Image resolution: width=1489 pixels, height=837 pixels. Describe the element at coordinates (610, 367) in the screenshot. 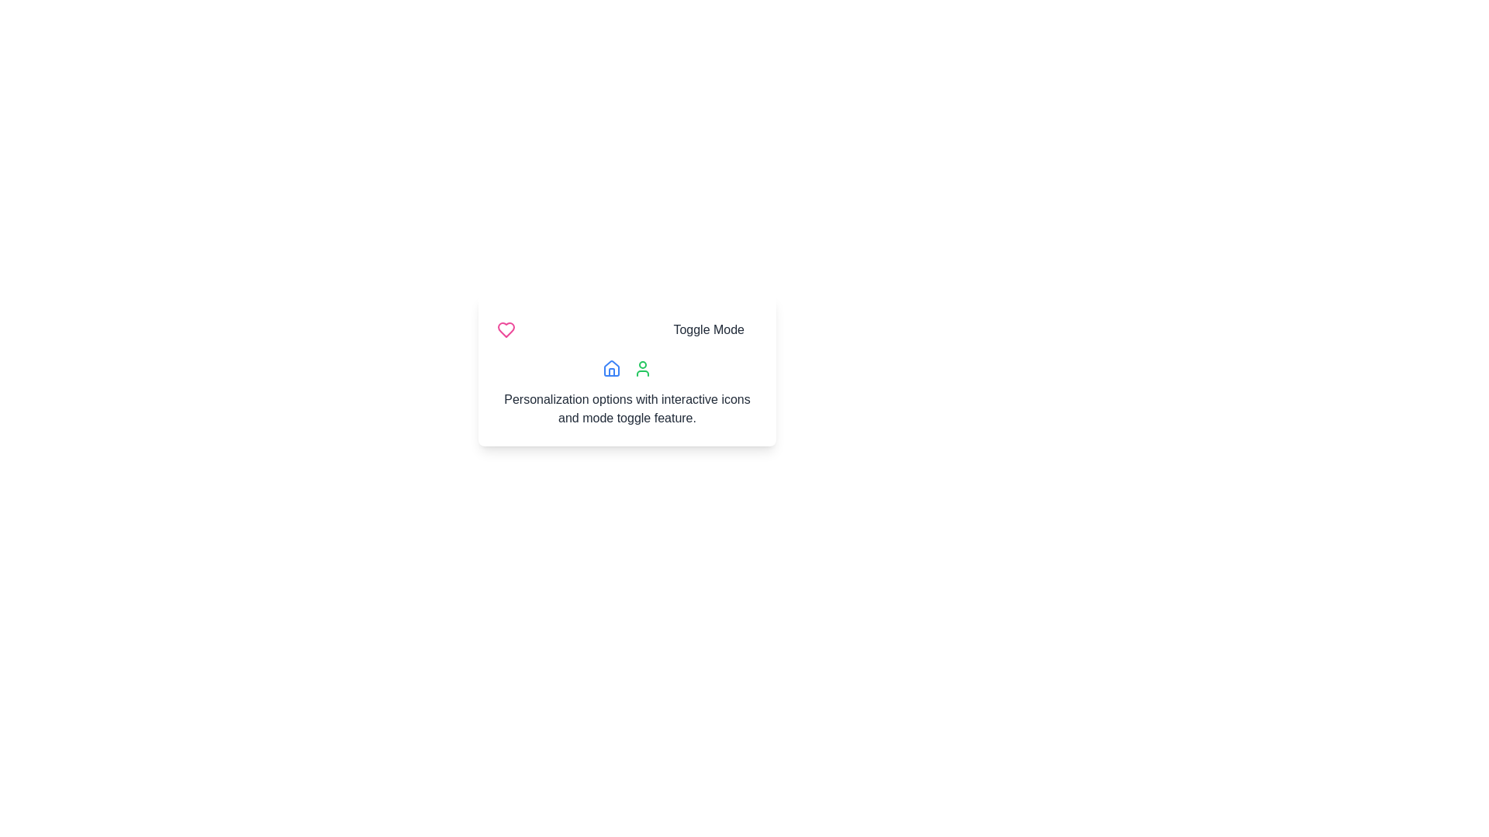

I see `the styling of the roof within the house icon, which is the uppermost part of the house-shaped SVG element located centrally among three icons` at that location.